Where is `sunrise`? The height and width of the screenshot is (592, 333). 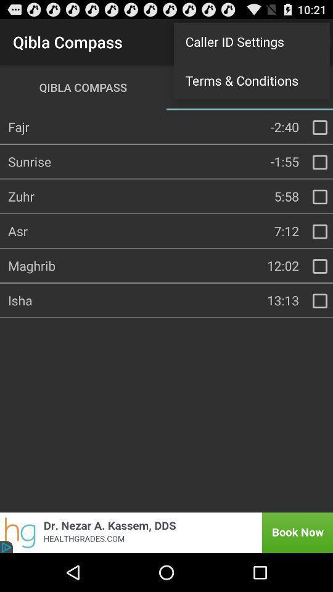
sunrise is located at coordinates (319, 162).